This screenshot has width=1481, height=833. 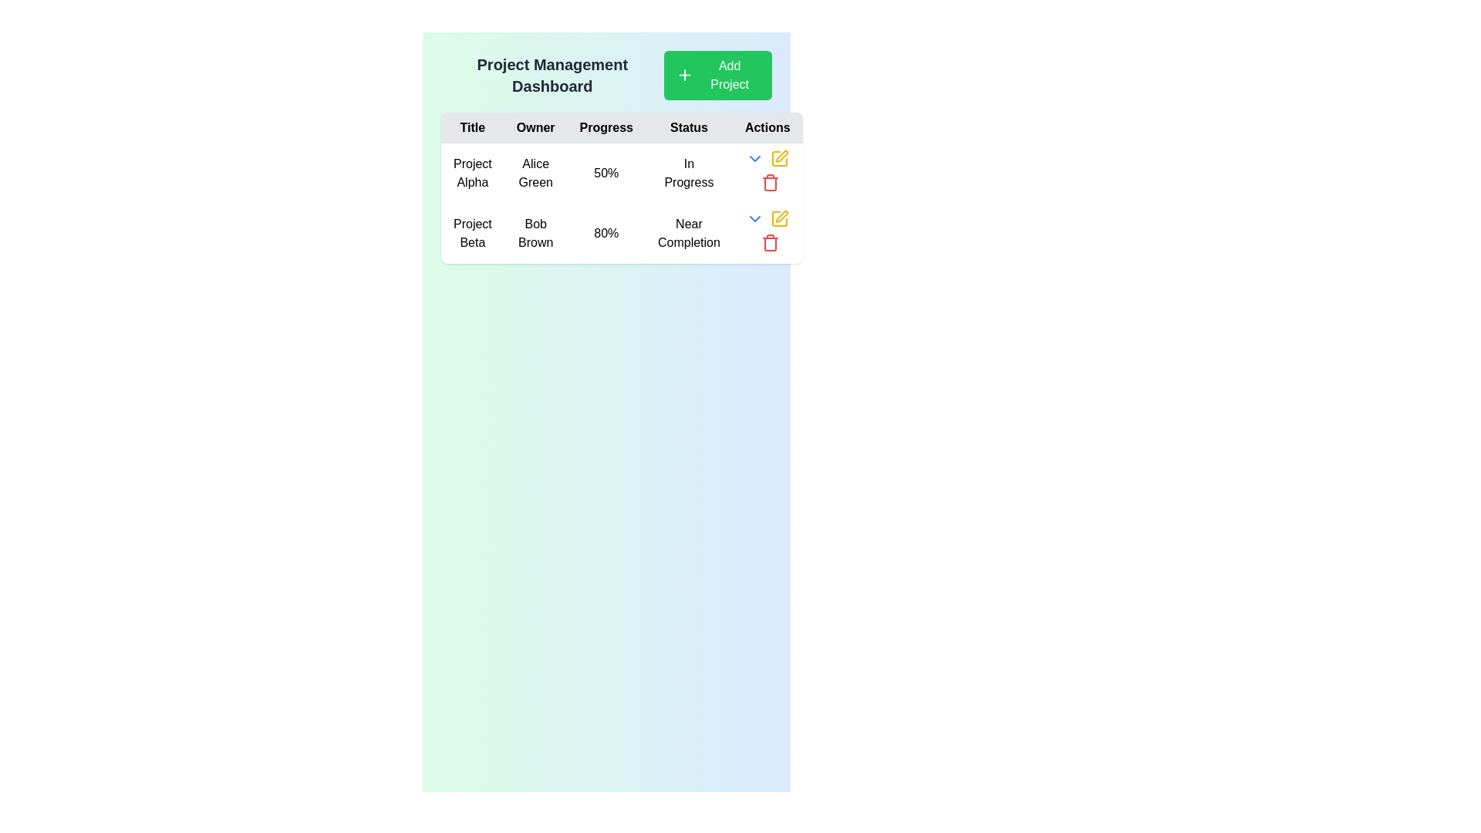 I want to click on the 'Status' table header cell, which is the fourth header in a row of table headers, positioned between 'Progress' and 'Actions', so click(x=688, y=126).